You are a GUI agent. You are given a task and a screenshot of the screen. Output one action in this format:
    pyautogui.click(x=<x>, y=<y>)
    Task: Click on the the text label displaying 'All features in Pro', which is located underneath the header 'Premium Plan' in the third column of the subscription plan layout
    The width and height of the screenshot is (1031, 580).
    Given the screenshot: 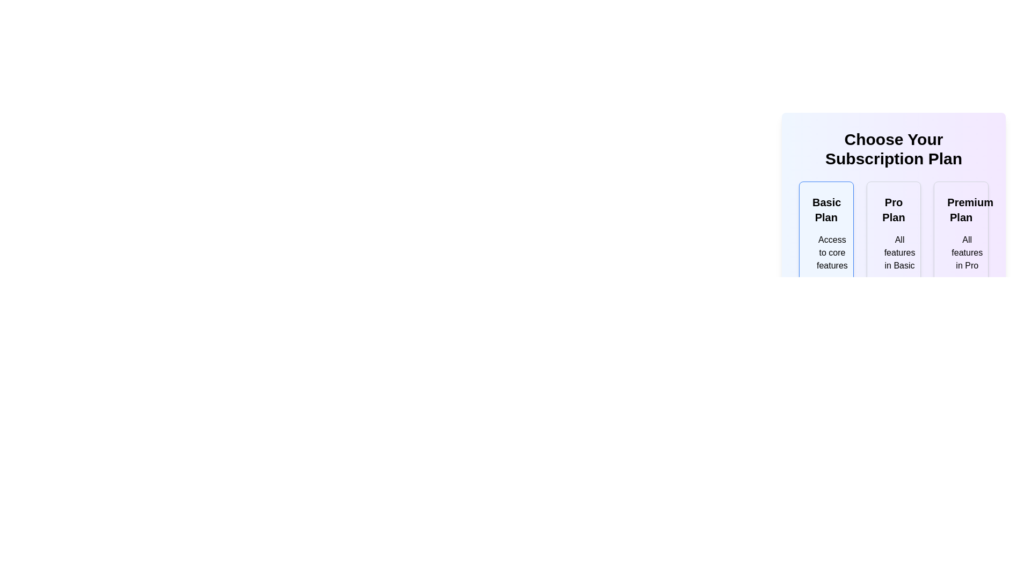 What is the action you would take?
    pyautogui.click(x=967, y=252)
    